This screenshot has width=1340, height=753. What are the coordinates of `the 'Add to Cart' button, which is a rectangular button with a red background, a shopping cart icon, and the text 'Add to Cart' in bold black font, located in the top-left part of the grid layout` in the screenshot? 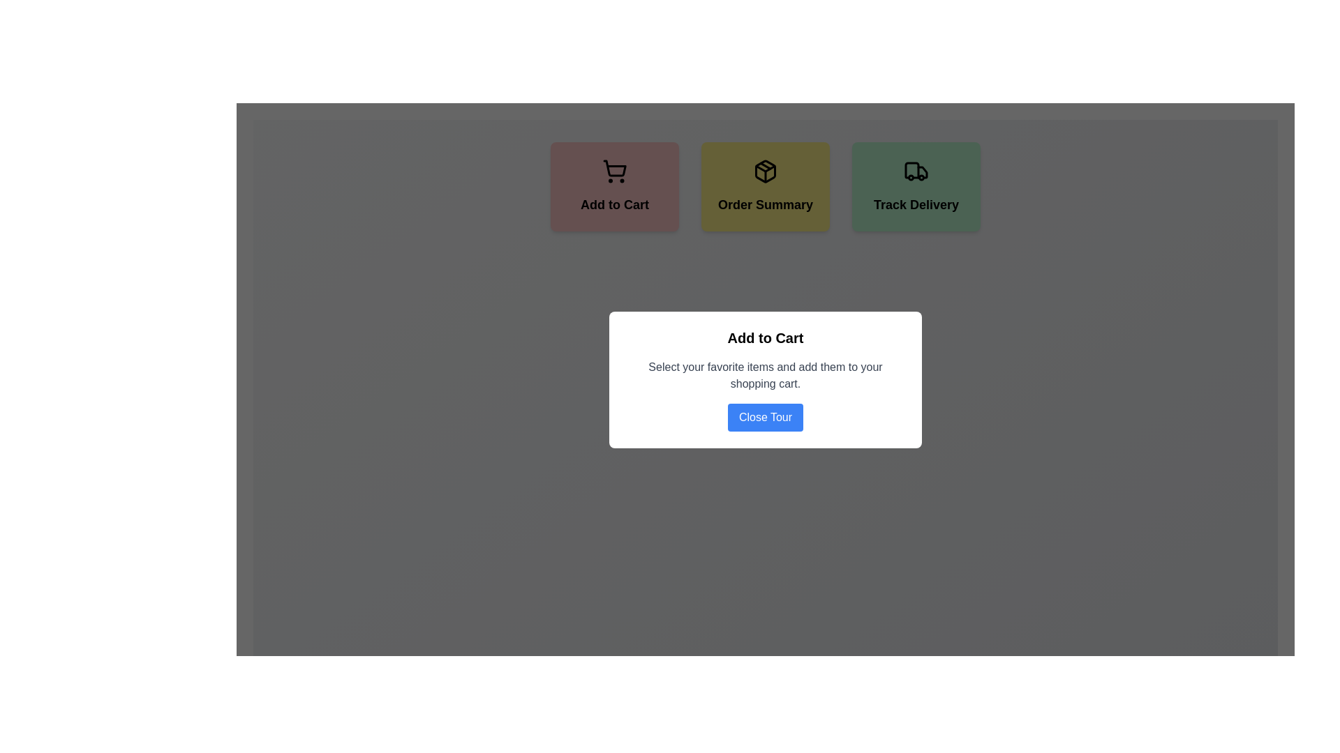 It's located at (614, 185).